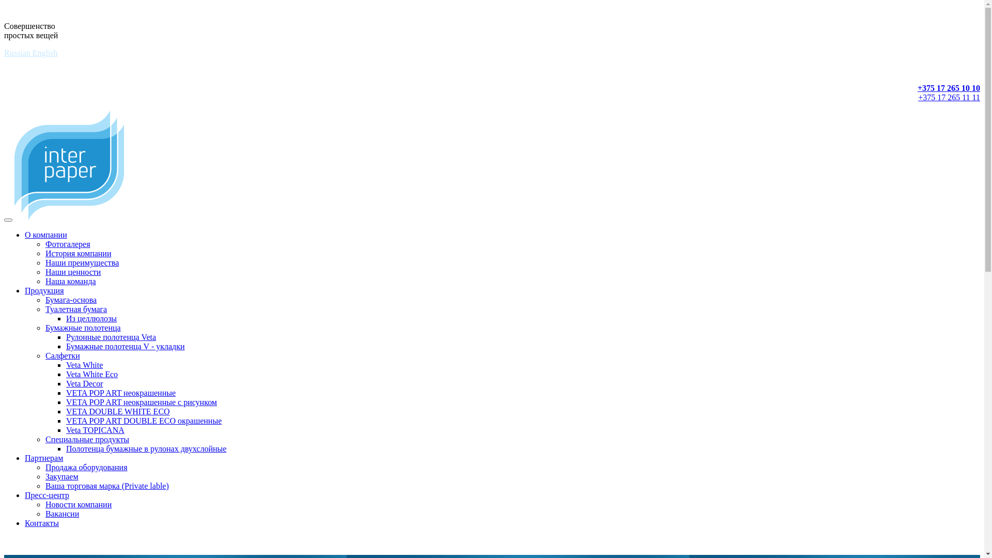 This screenshot has width=992, height=558. Describe the element at coordinates (949, 97) in the screenshot. I see `'+375 17 265 11 11'` at that location.